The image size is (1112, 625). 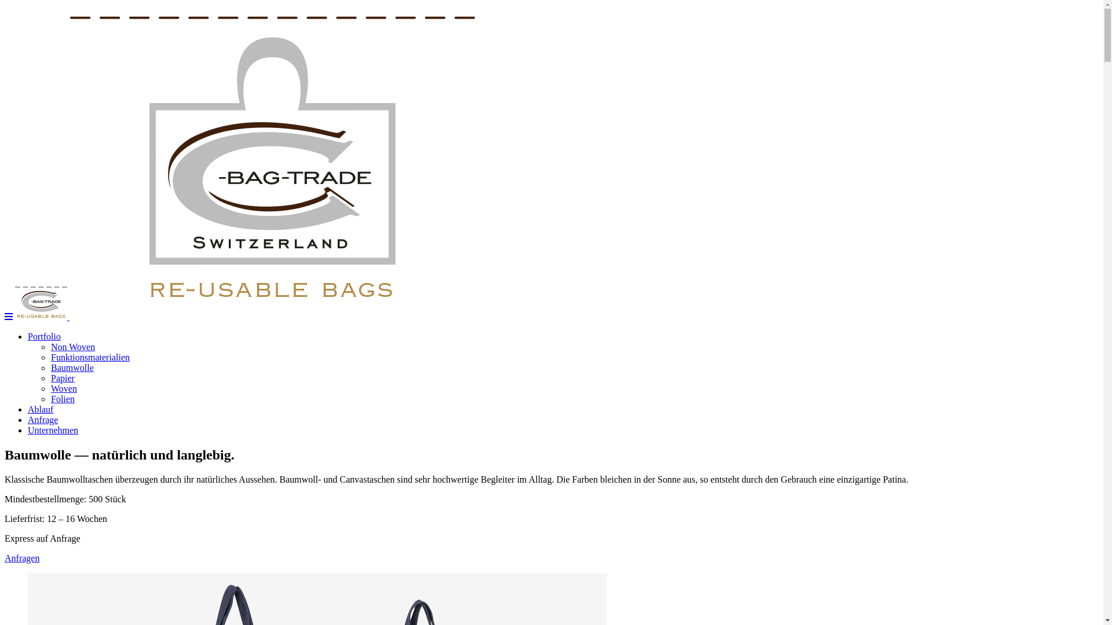 What do you see at coordinates (50, 367) in the screenshot?
I see `'Baumwolle'` at bounding box center [50, 367].